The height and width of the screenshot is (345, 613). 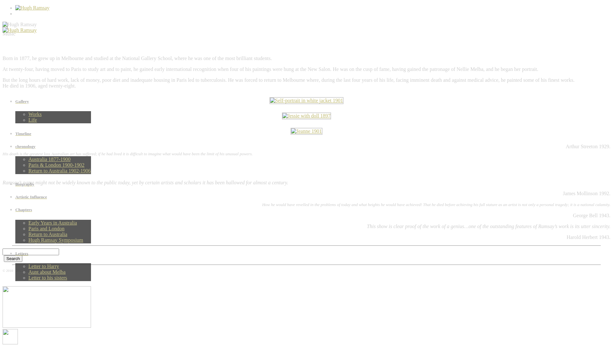 I want to click on 'Hugh Ramsay', so click(x=19, y=30).